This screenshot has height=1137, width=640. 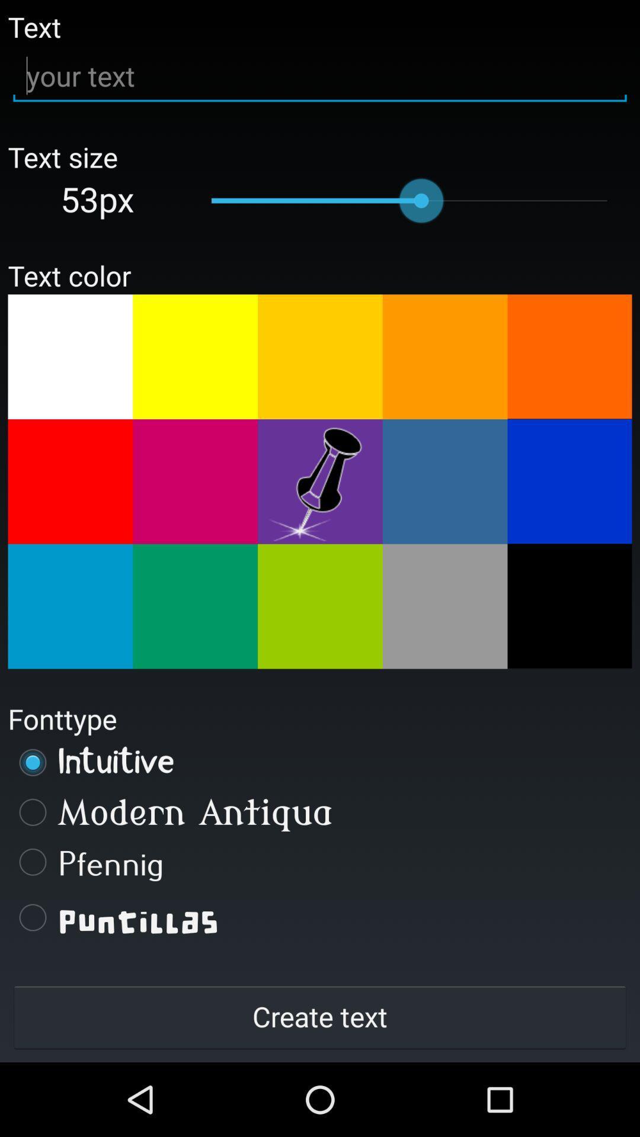 I want to click on the modern antiqua item, so click(x=320, y=811).